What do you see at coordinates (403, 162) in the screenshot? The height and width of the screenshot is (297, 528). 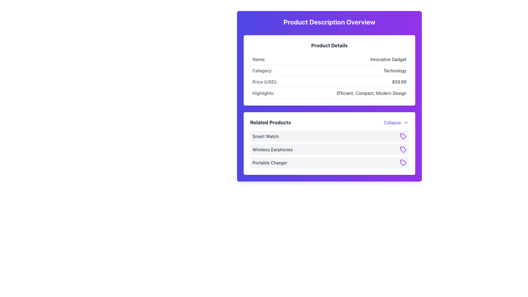 I see `the purple tag icon located on the far right side of the 'Portable Charger' row, which has a circular hole near its top-left corner` at bounding box center [403, 162].